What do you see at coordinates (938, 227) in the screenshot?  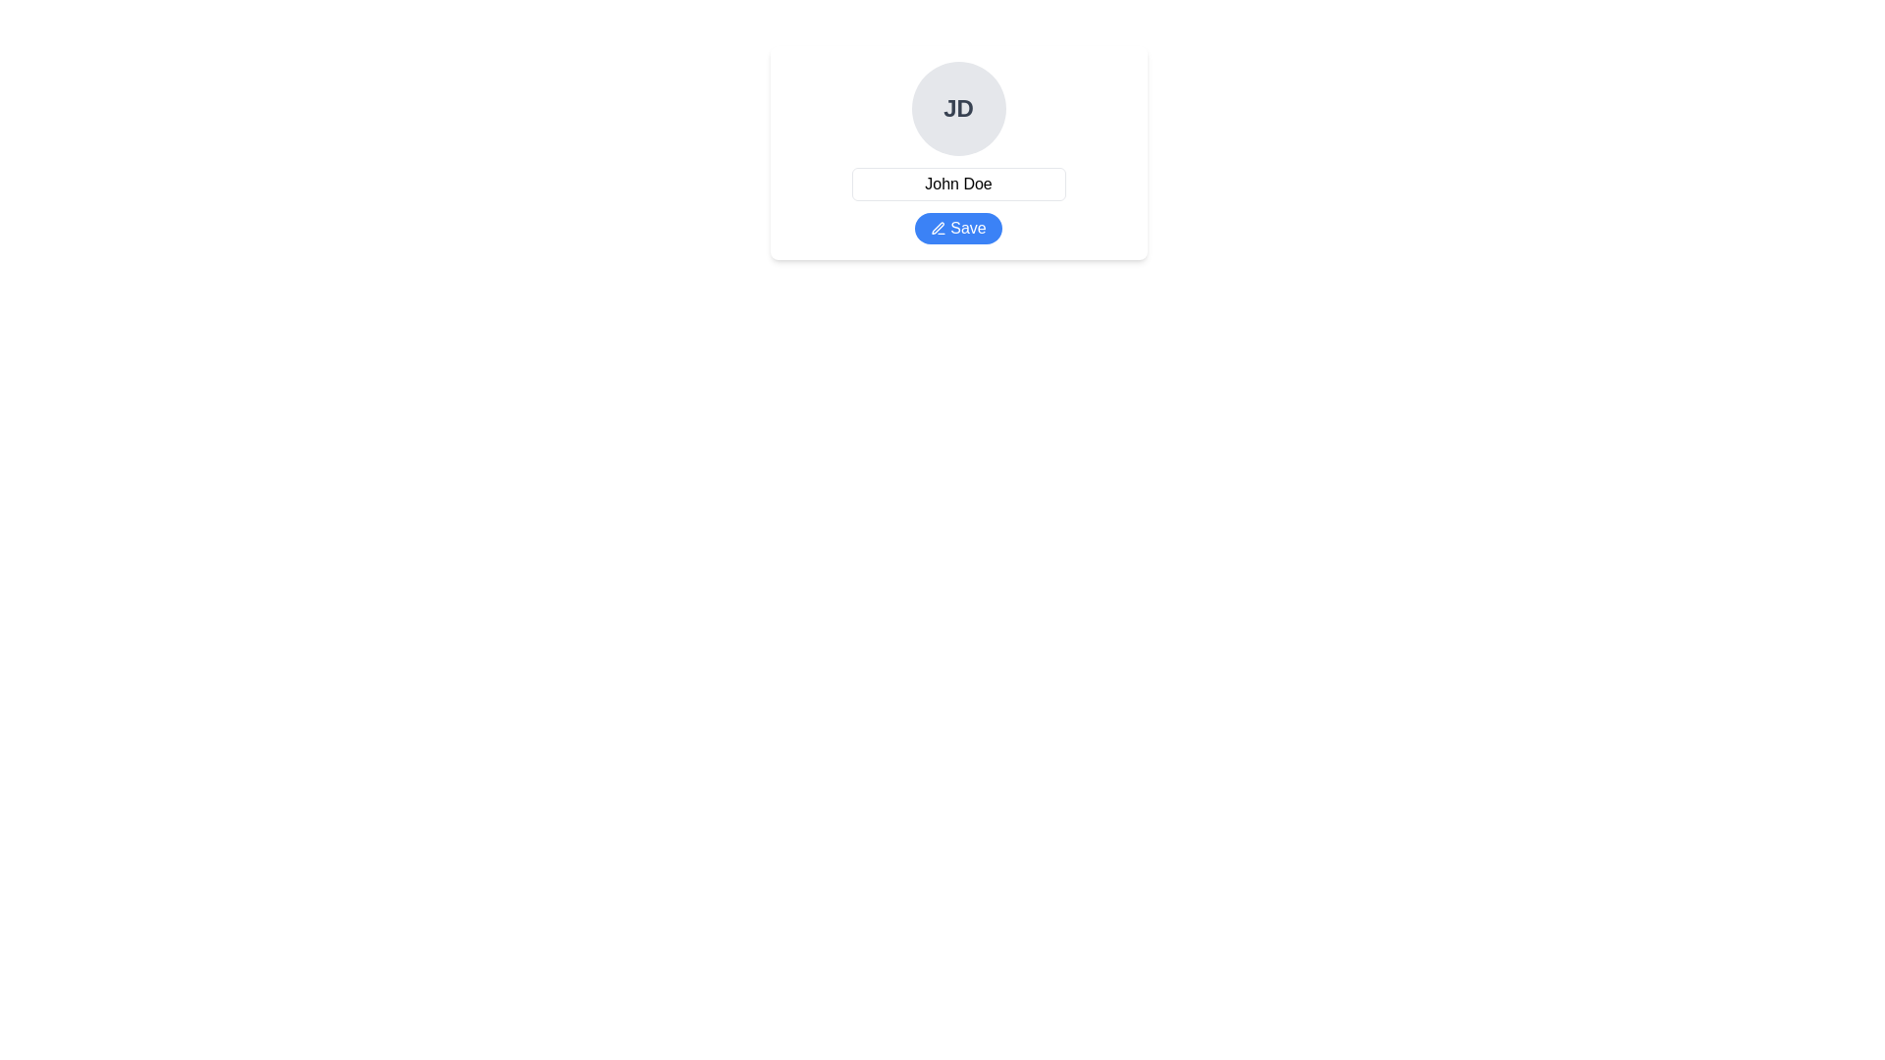 I see `the edit icon located immediately to the left of the 'Save' button in the card layout for 'John Doe'` at bounding box center [938, 227].